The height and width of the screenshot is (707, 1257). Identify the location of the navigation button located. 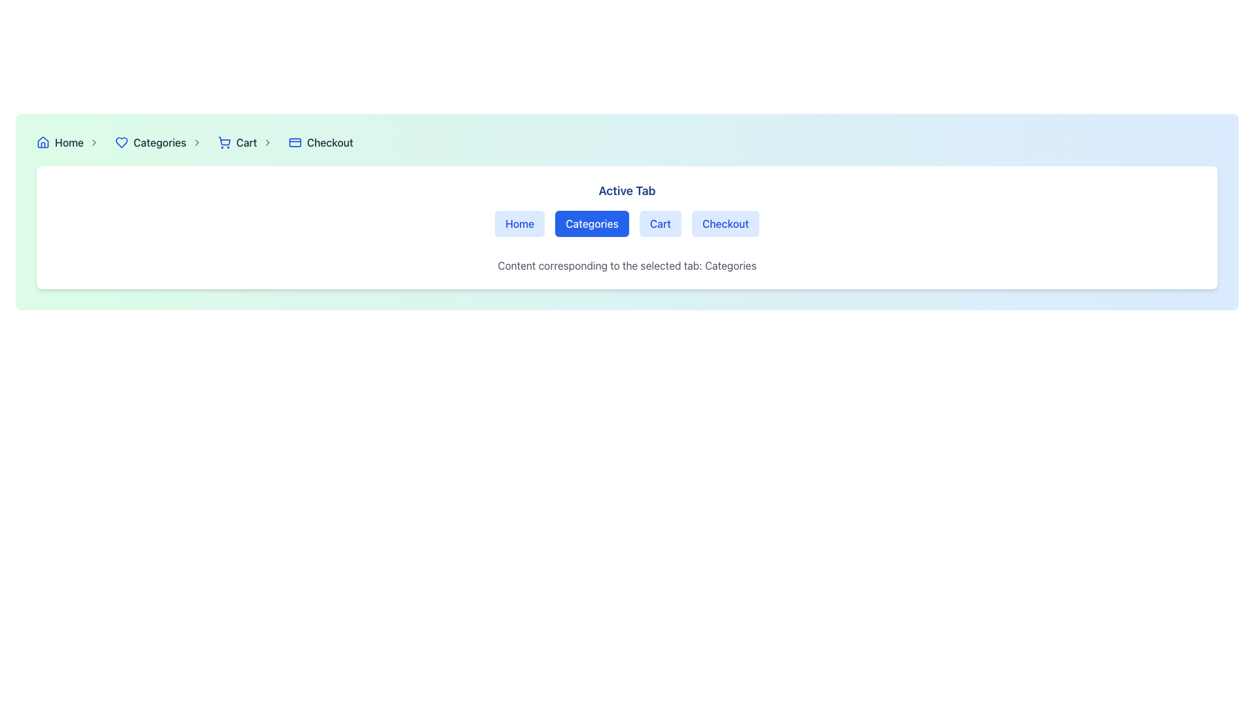
(725, 223).